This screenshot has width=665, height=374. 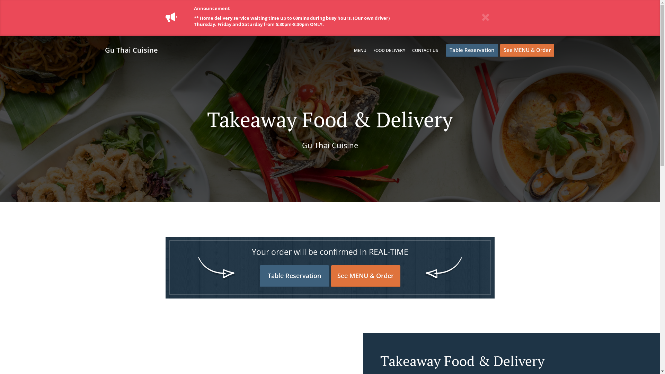 I want to click on 'Gu Thai Cuisine', so click(x=134, y=50).